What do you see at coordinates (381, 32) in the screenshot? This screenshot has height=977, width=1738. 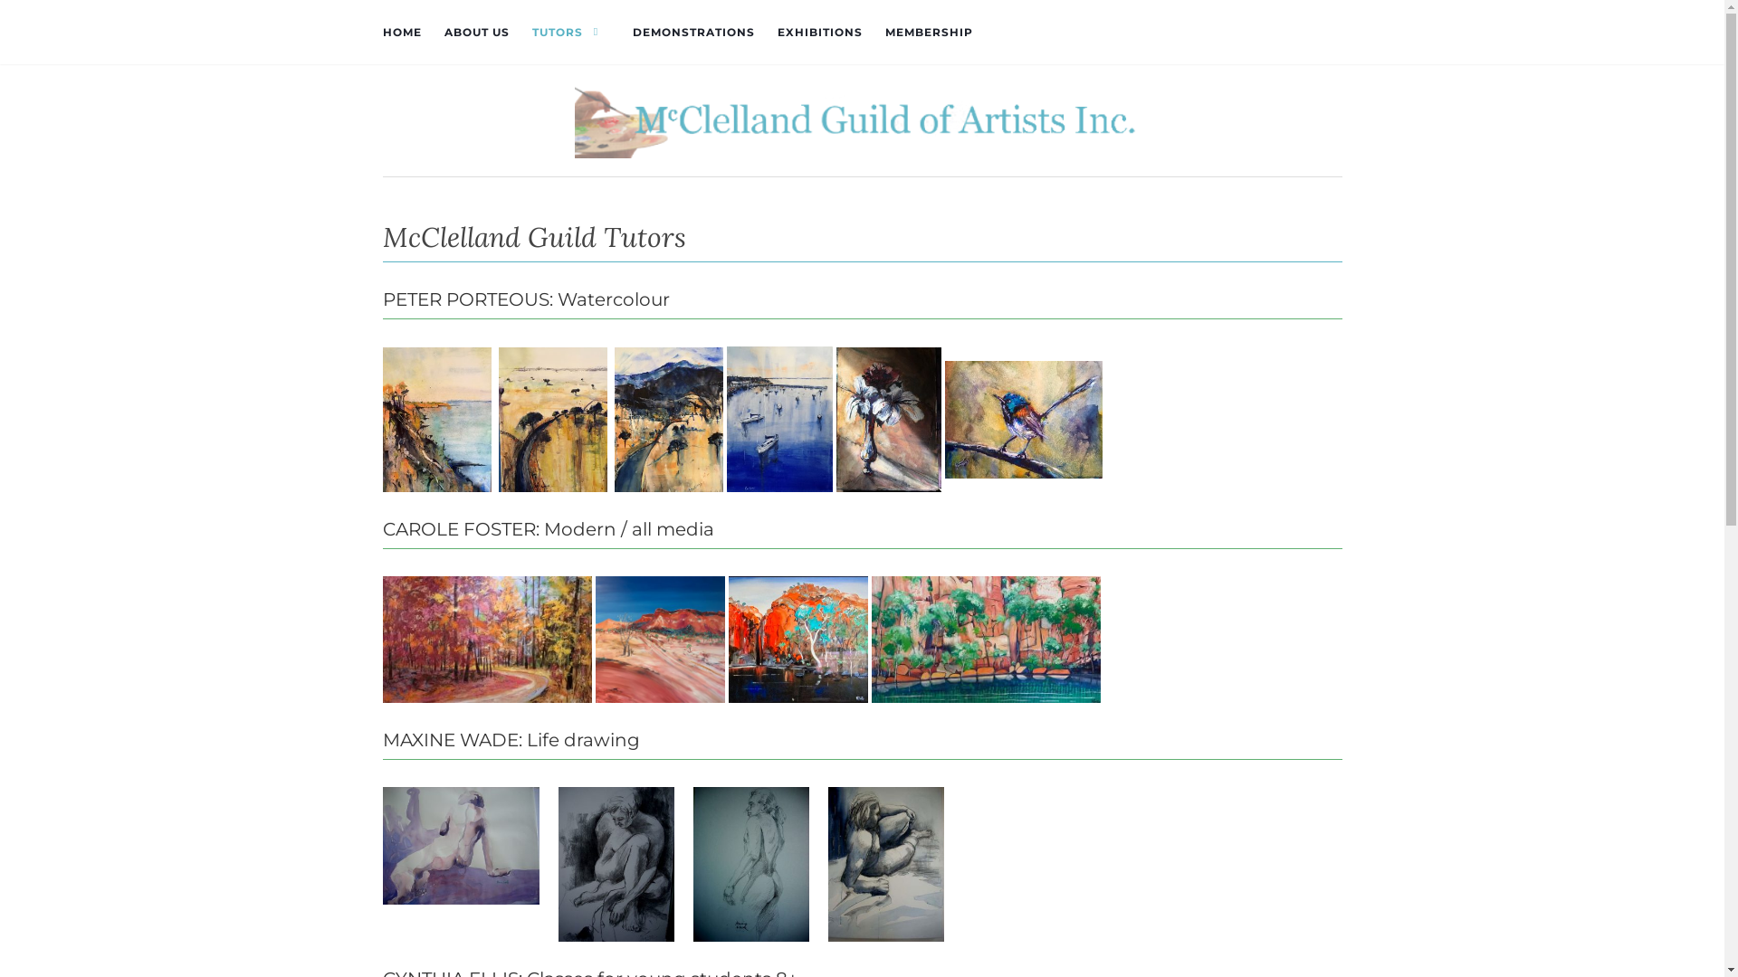 I see `'HOME'` at bounding box center [381, 32].